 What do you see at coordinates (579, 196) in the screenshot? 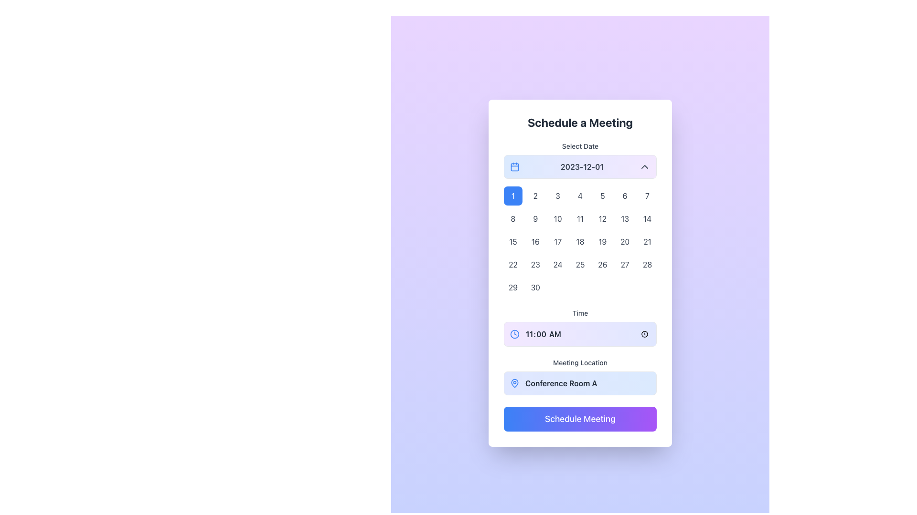
I see `the button displaying the number '4' in the calendar grid` at bounding box center [579, 196].